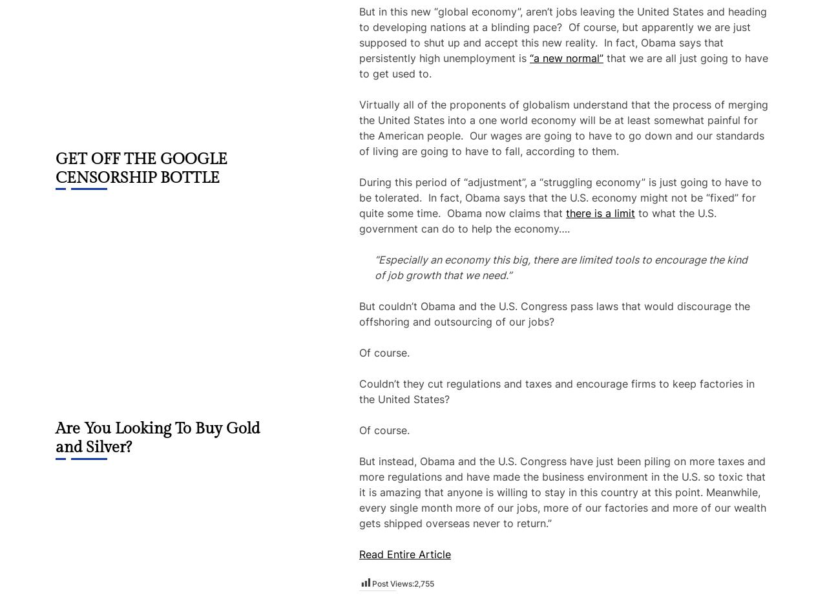  What do you see at coordinates (556, 391) in the screenshot?
I see `'Couldn’t they cut regulations and taxes and encourage firms to keep factories in the United States?'` at bounding box center [556, 391].